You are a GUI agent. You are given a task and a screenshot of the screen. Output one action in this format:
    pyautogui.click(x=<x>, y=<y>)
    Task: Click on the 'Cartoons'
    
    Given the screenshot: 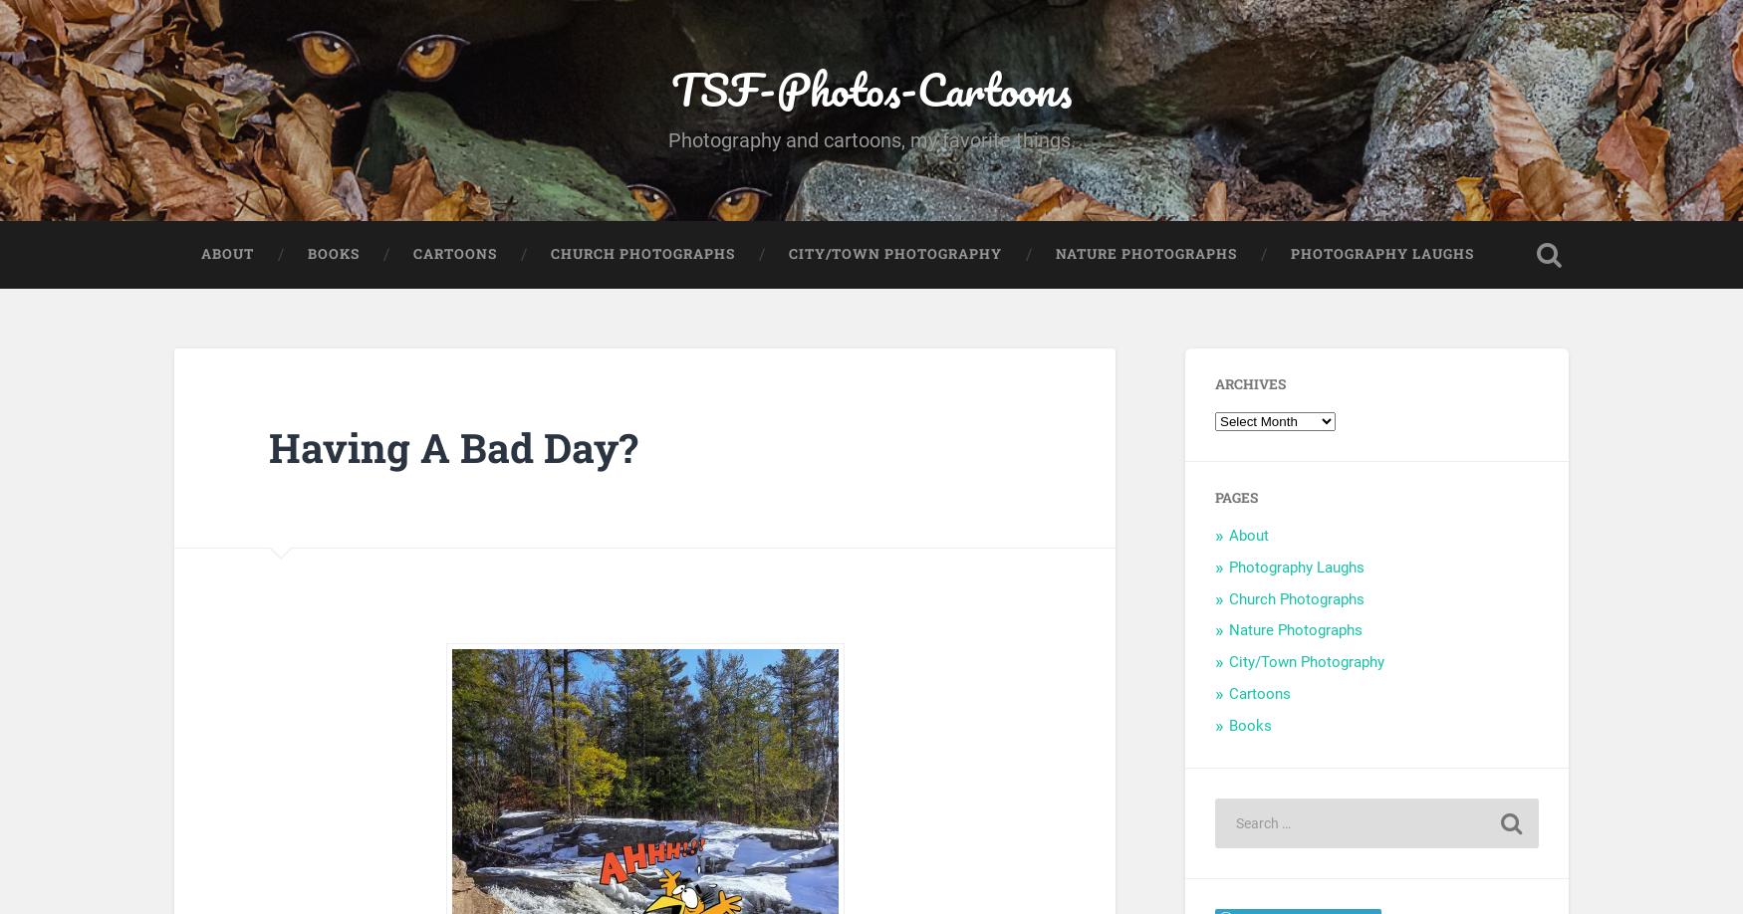 What is the action you would take?
    pyautogui.click(x=1259, y=693)
    